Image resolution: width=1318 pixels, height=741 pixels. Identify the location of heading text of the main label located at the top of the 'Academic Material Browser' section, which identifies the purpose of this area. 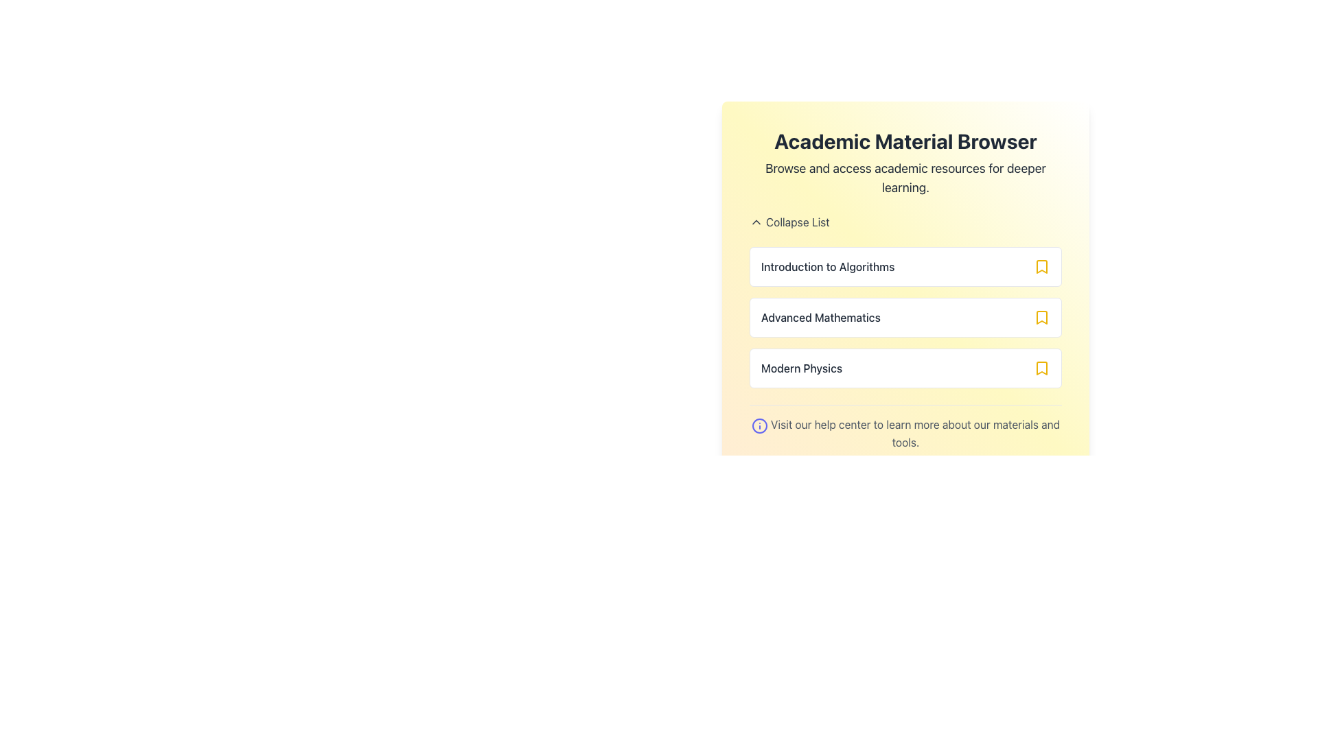
(905, 141).